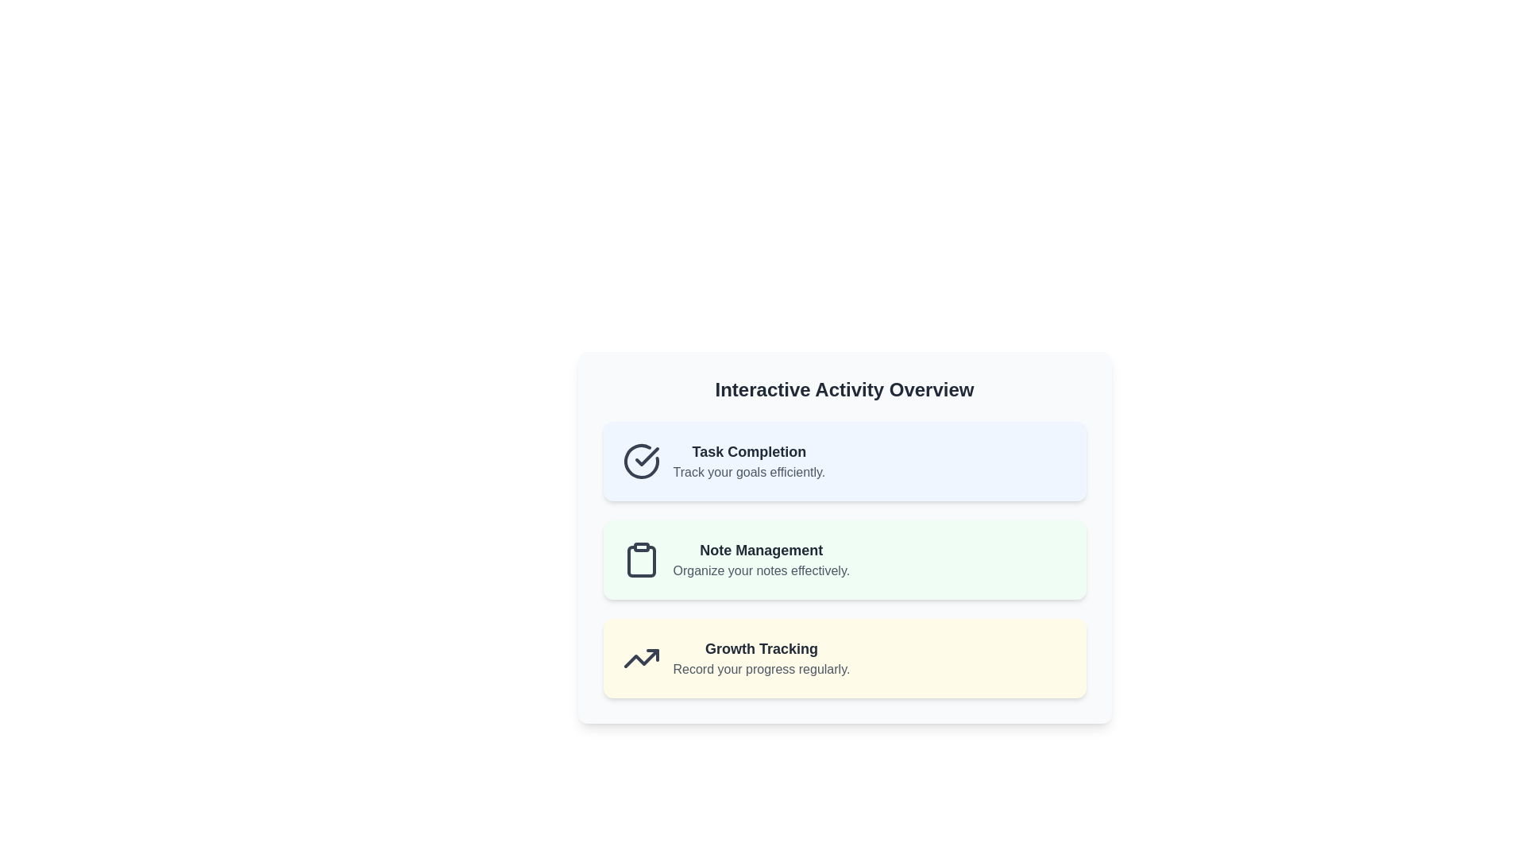  I want to click on the static text label that provides context or encouragement related to the 'Growth Tracking' section, located beneath the bold heading in the bottommost section of a card layout, so click(761, 670).